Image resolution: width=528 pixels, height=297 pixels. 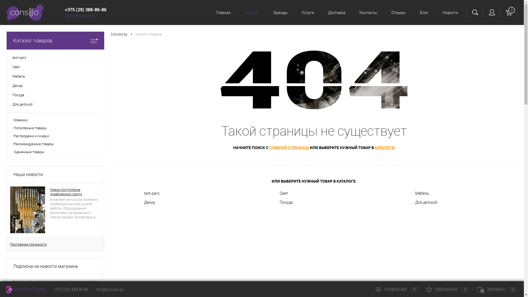 What do you see at coordinates (71, 289) in the screenshot?
I see `'+375 (29) 388 86 86'` at bounding box center [71, 289].